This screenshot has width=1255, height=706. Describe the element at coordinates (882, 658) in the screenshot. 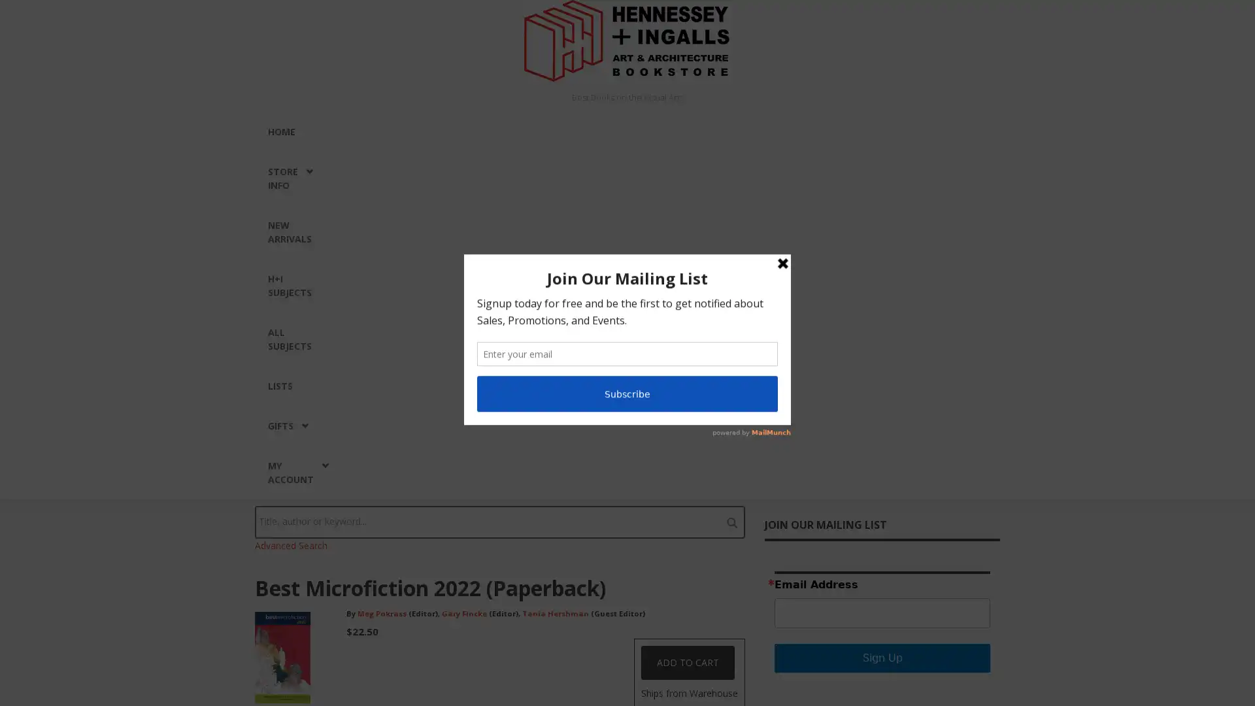

I see `Sign Up` at that location.